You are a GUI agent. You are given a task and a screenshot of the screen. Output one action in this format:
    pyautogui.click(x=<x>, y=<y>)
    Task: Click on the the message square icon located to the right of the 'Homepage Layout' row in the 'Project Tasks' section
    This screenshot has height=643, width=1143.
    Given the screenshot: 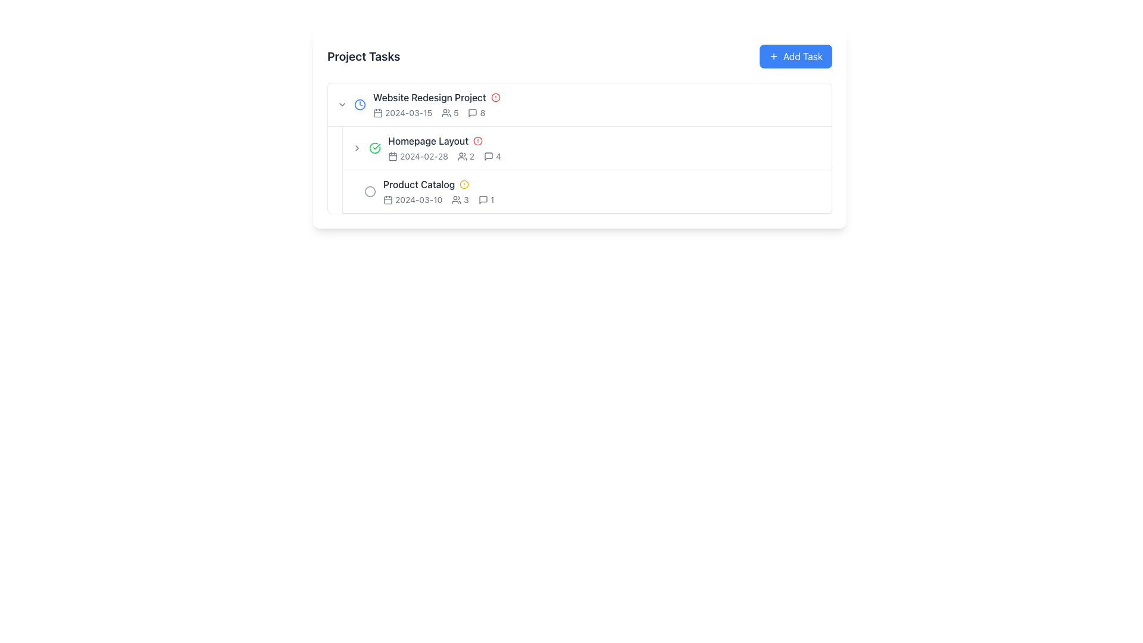 What is the action you would take?
    pyautogui.click(x=489, y=155)
    